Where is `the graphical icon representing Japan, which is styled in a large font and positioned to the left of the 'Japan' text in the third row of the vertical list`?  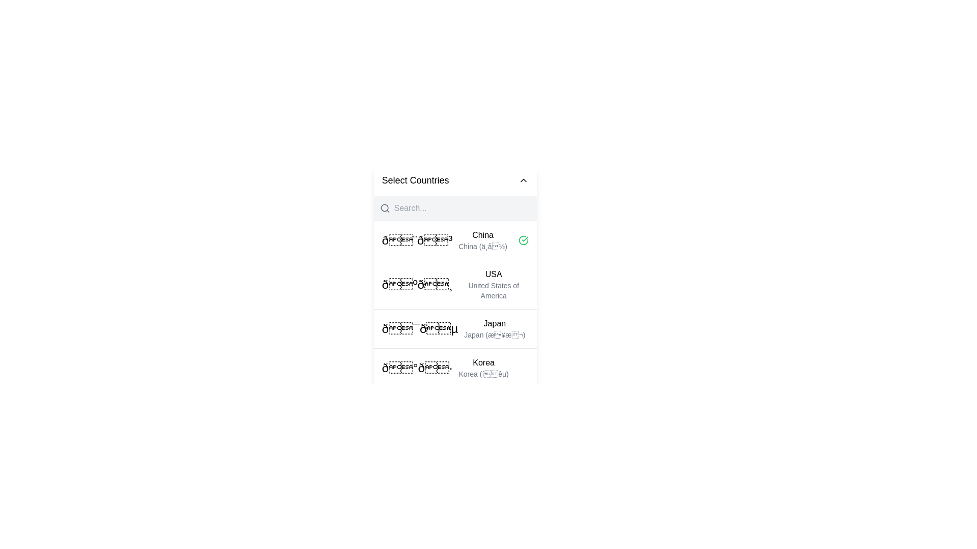
the graphical icon representing Japan, which is styled in a large font and positioned to the left of the 'Japan' text in the third row of the vertical list is located at coordinates (420, 329).